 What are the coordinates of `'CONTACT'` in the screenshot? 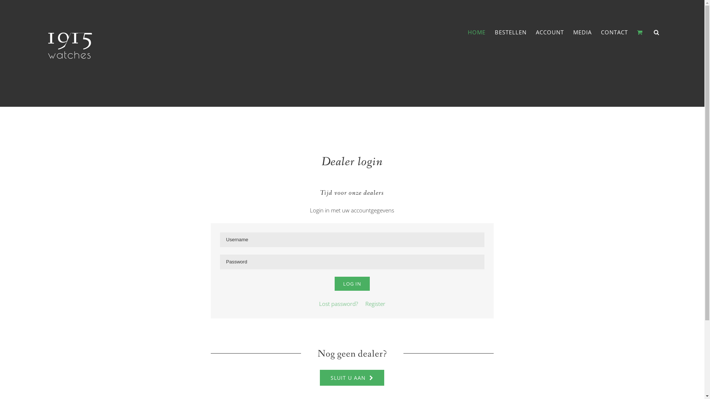 It's located at (614, 32).